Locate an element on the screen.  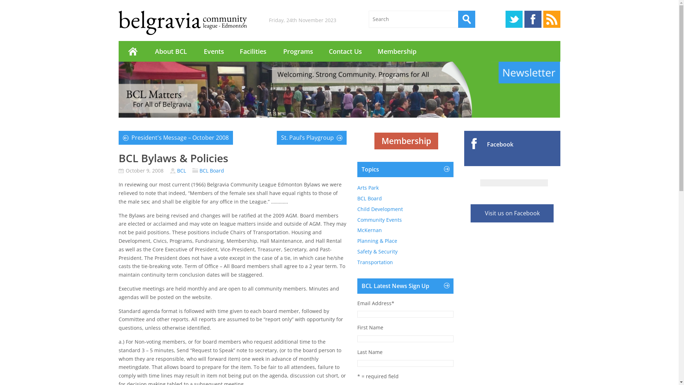
'BCL' is located at coordinates (181, 170).